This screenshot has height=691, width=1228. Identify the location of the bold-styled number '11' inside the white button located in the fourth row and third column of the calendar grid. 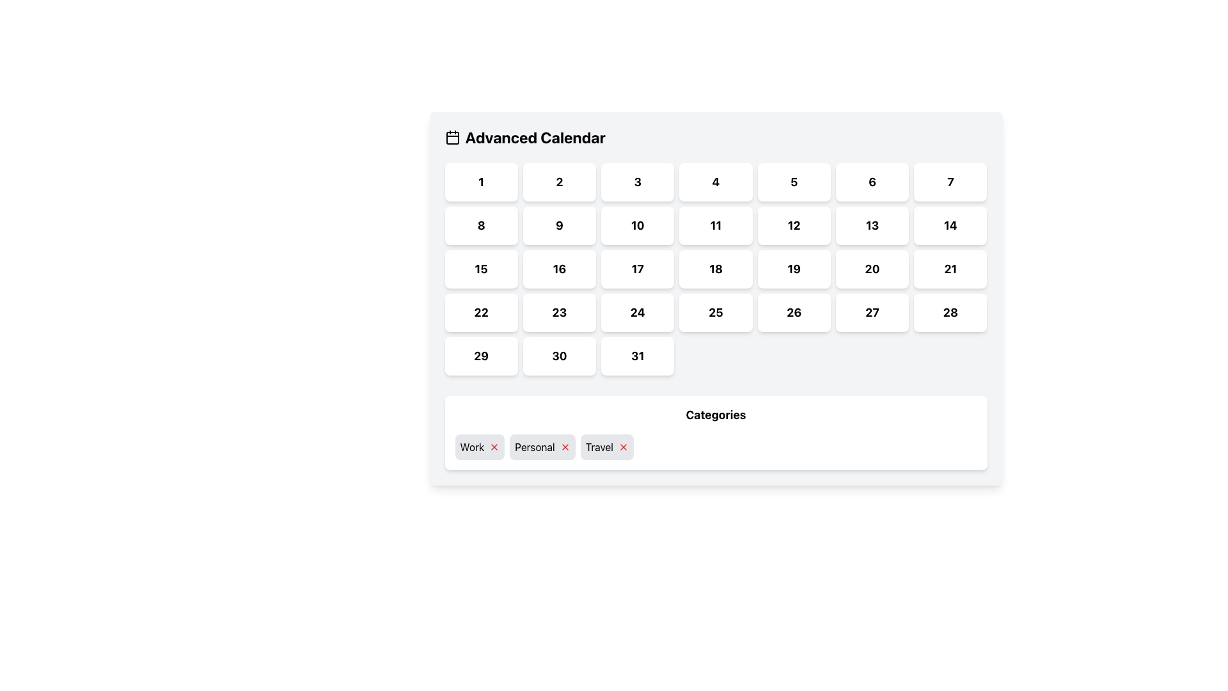
(715, 225).